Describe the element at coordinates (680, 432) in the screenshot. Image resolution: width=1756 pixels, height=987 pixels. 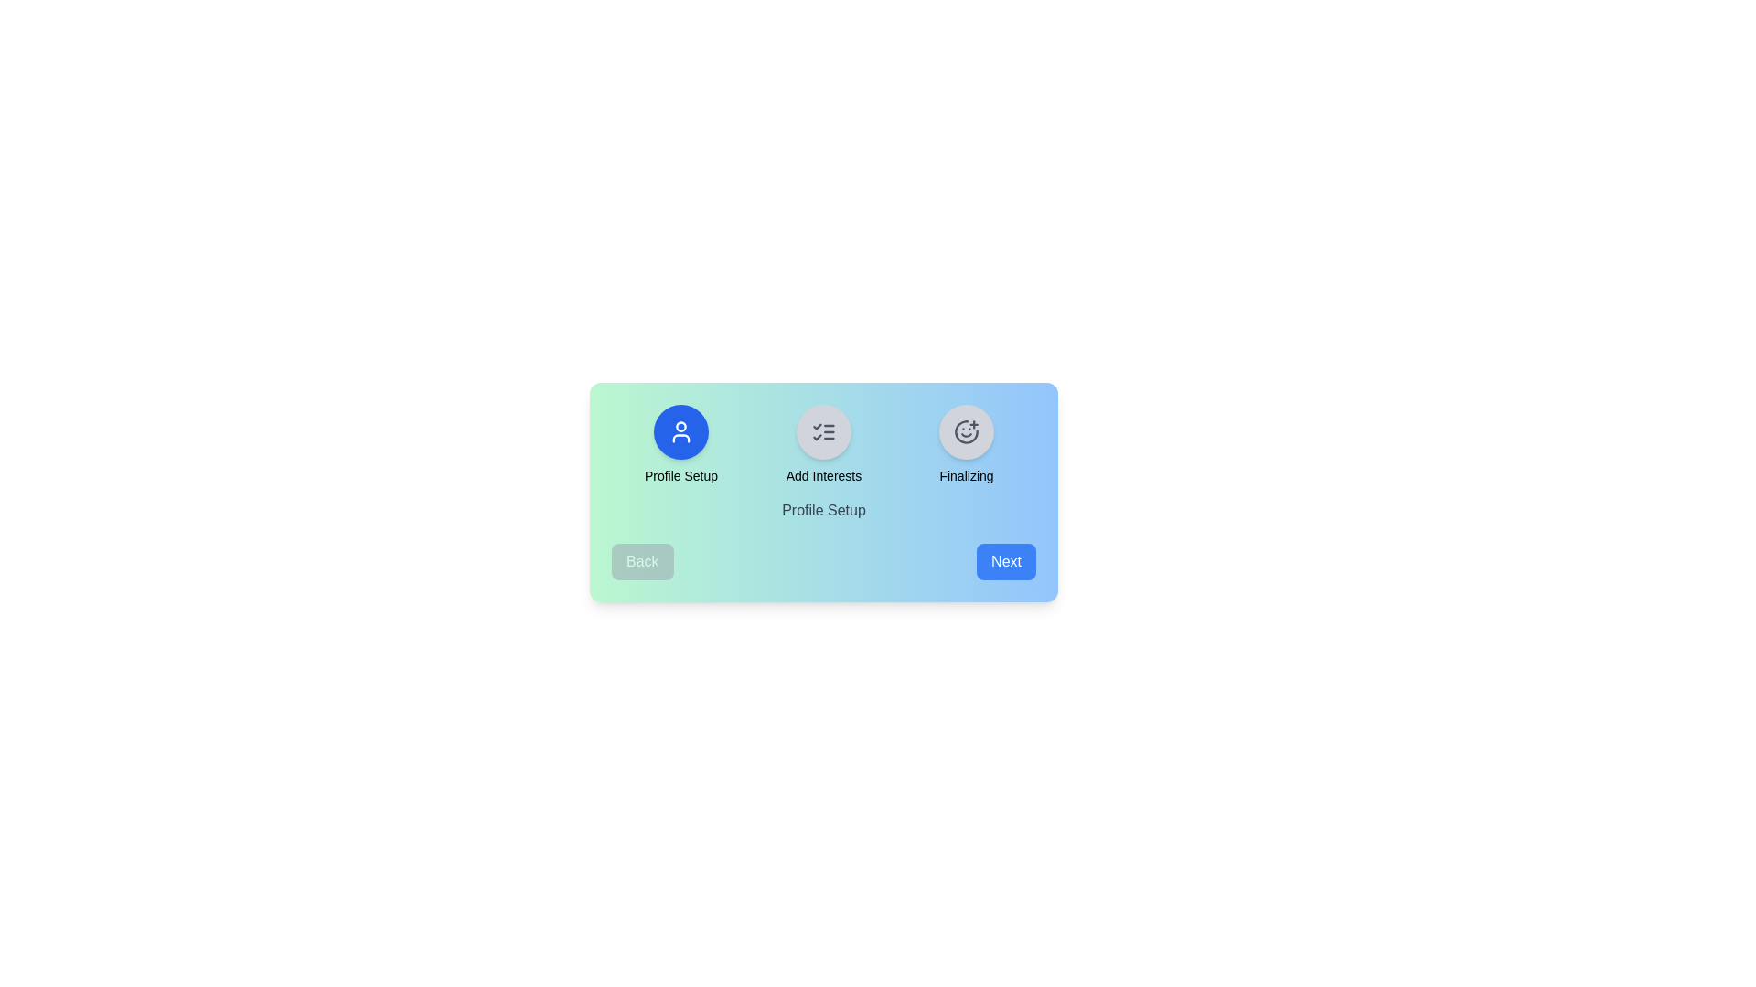
I see `the step icon corresponding to Profile Setup` at that location.